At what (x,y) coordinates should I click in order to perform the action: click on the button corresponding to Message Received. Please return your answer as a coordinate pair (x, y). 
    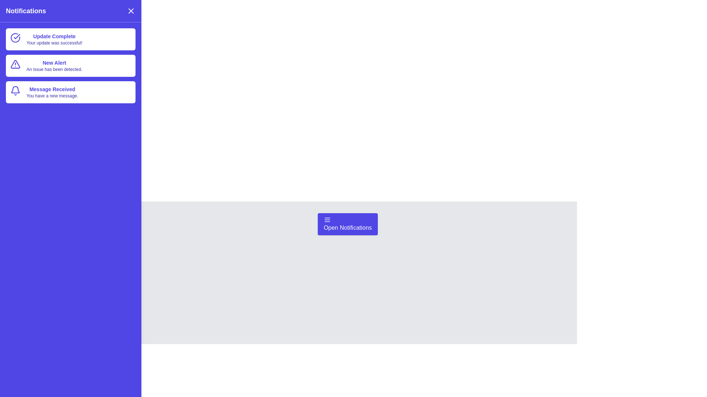
    Looking at the image, I should click on (71, 92).